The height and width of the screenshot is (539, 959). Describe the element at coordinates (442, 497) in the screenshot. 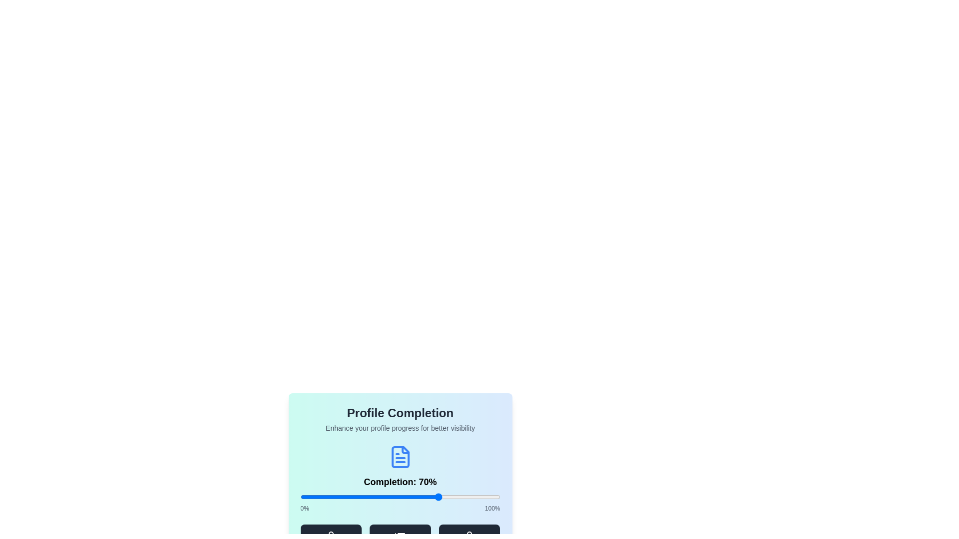

I see `the profile completion slider` at that location.